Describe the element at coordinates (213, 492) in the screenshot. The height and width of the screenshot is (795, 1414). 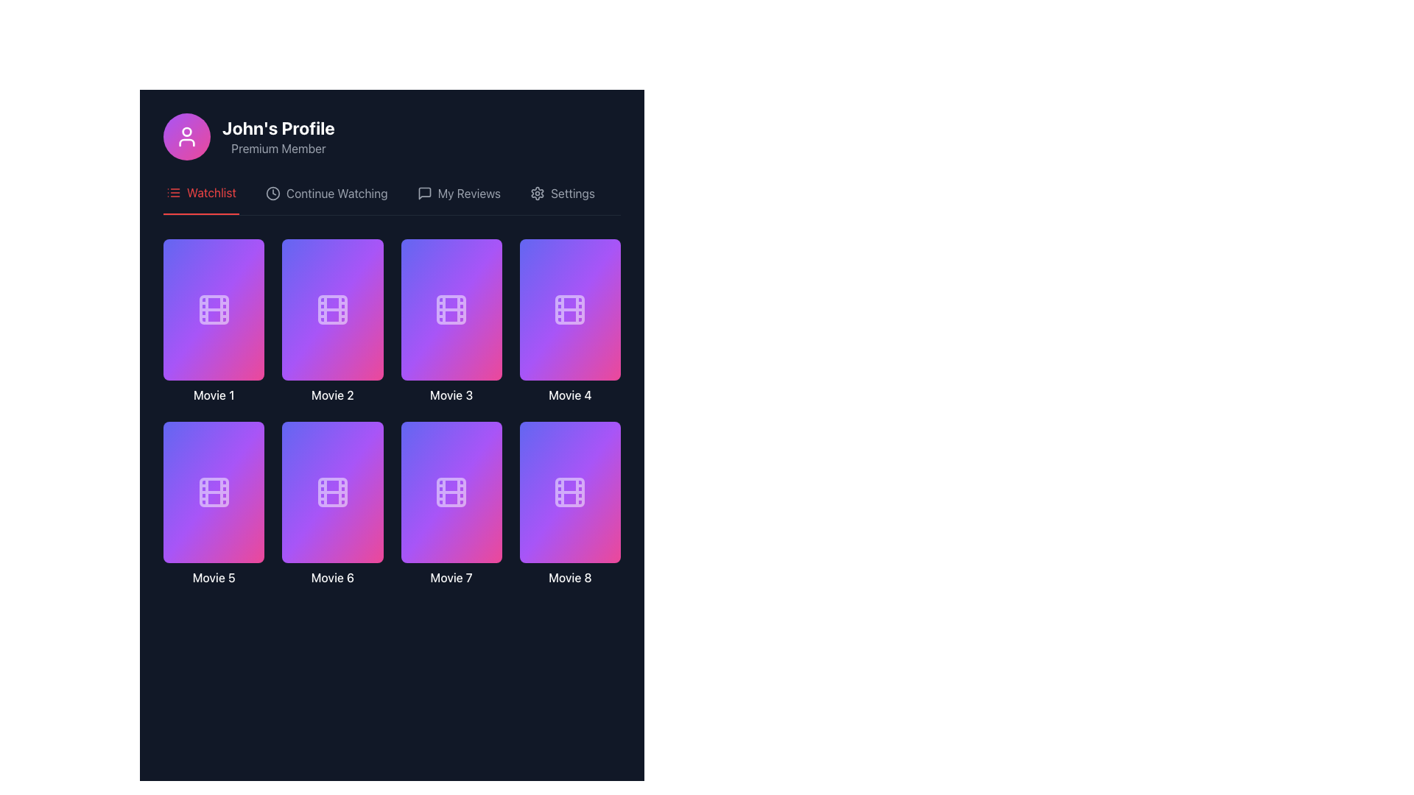
I see `the film strip icon in the Watchlist section, located in the second row and first column of the grid layout, featuring a light purple color gradient and a square grid layout` at that location.